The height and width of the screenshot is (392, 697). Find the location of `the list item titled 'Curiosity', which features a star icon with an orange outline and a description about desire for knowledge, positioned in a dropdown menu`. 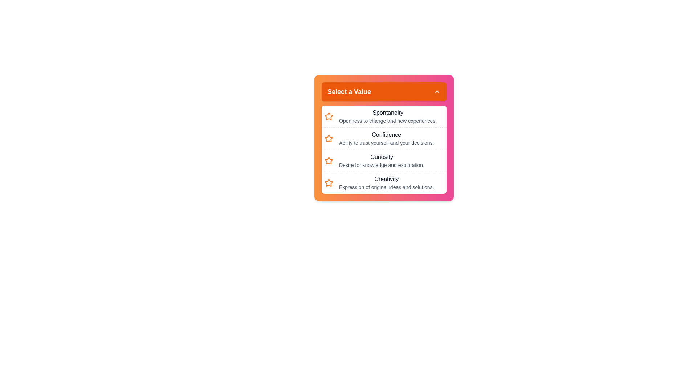

the list item titled 'Curiosity', which features a star icon with an orange outline and a description about desire for knowledge, positioned in a dropdown menu is located at coordinates (383, 160).